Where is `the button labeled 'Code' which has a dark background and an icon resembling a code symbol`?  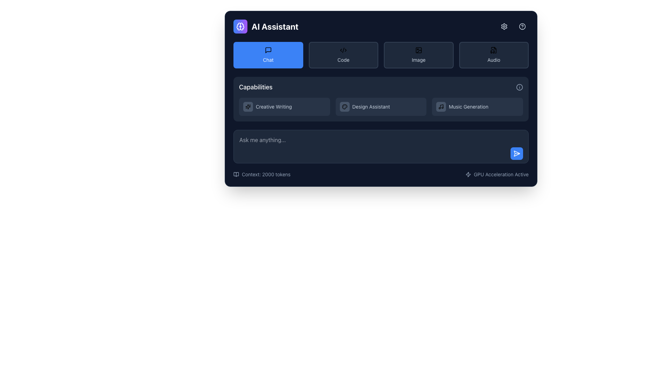 the button labeled 'Code' which has a dark background and an icon resembling a code symbol is located at coordinates (343, 55).